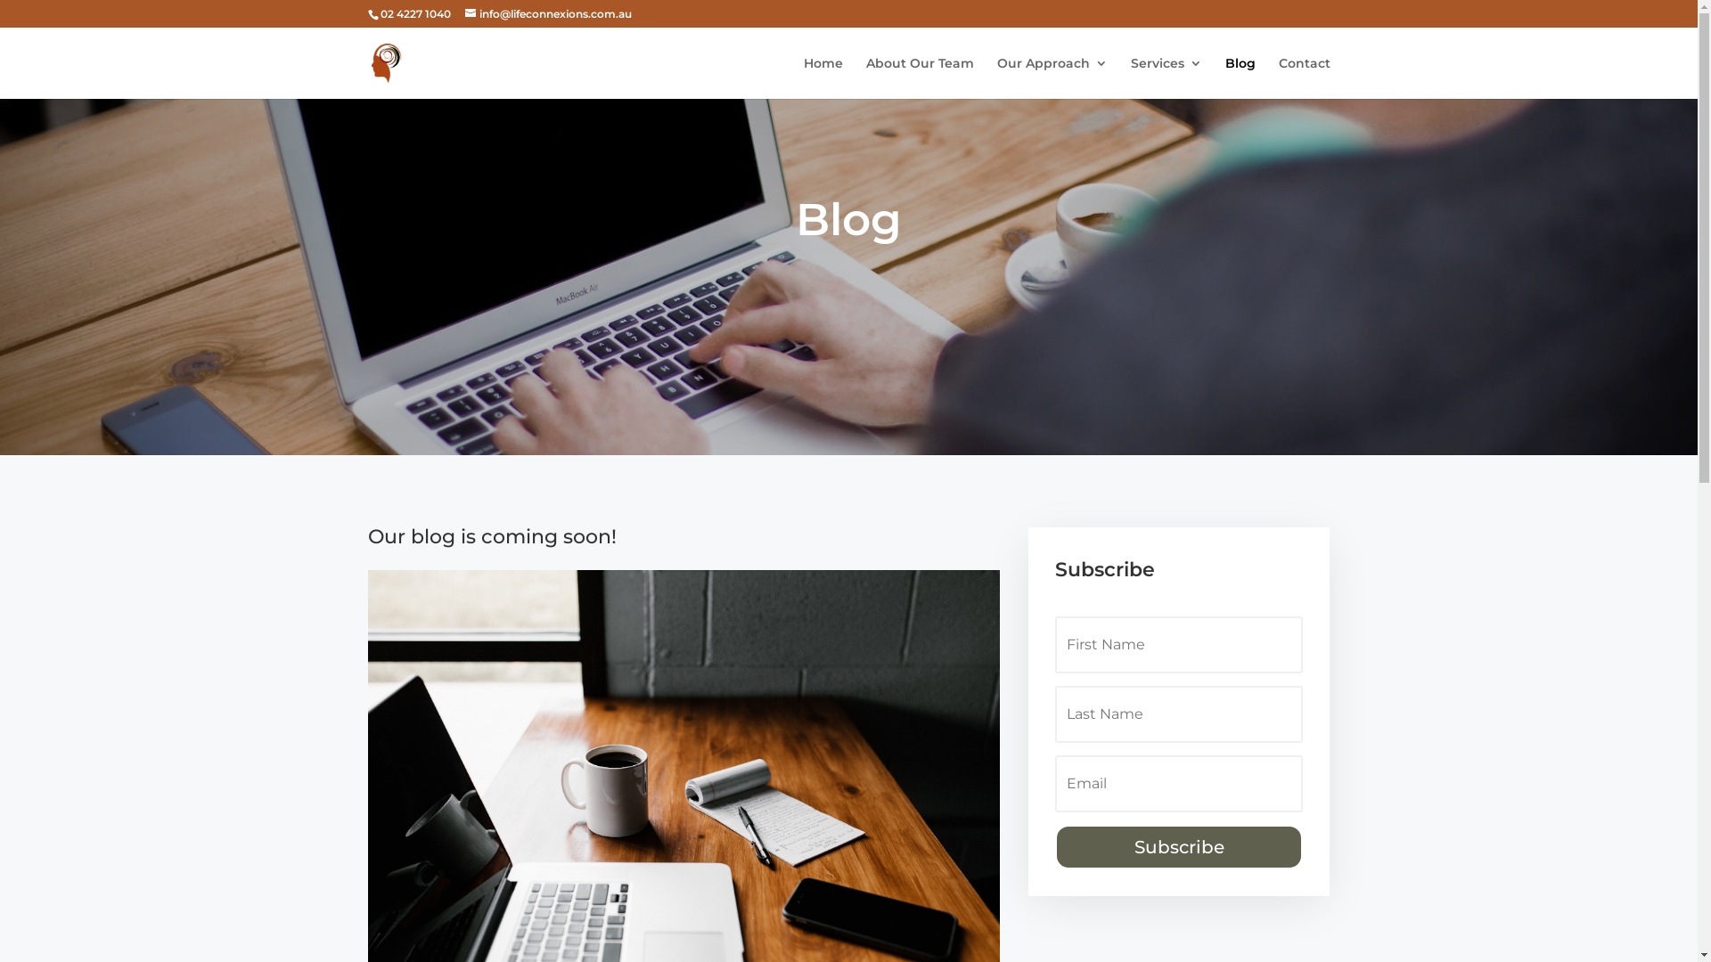 The image size is (1711, 962). I want to click on 'Home', so click(823, 77).